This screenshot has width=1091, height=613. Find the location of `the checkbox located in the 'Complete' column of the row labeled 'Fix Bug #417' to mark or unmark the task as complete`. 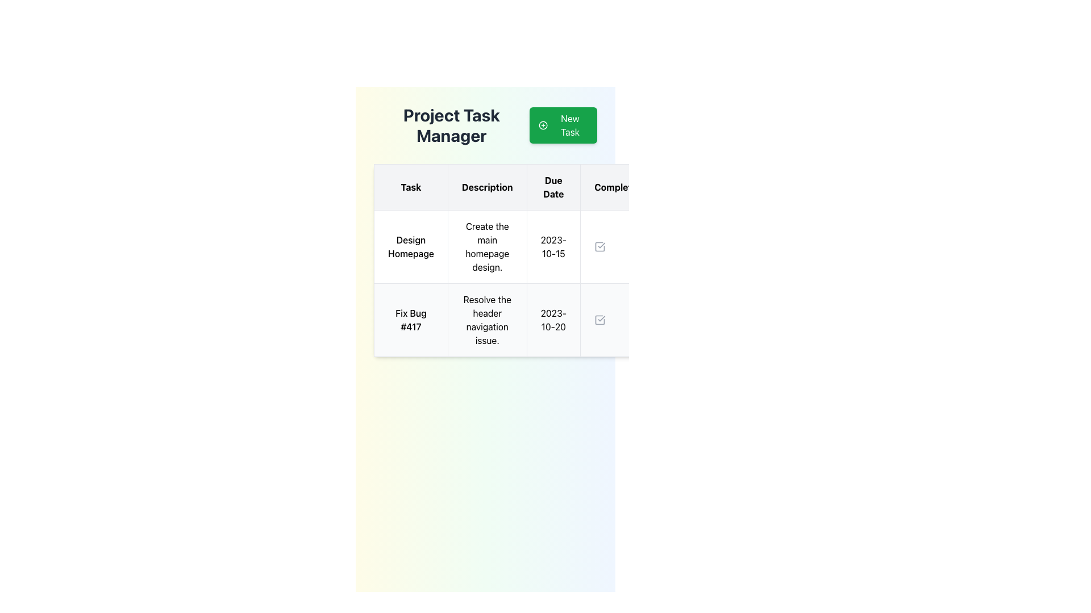

the checkbox located in the 'Complete' column of the row labeled 'Fix Bug #417' to mark or unmark the task as complete is located at coordinates (615, 320).